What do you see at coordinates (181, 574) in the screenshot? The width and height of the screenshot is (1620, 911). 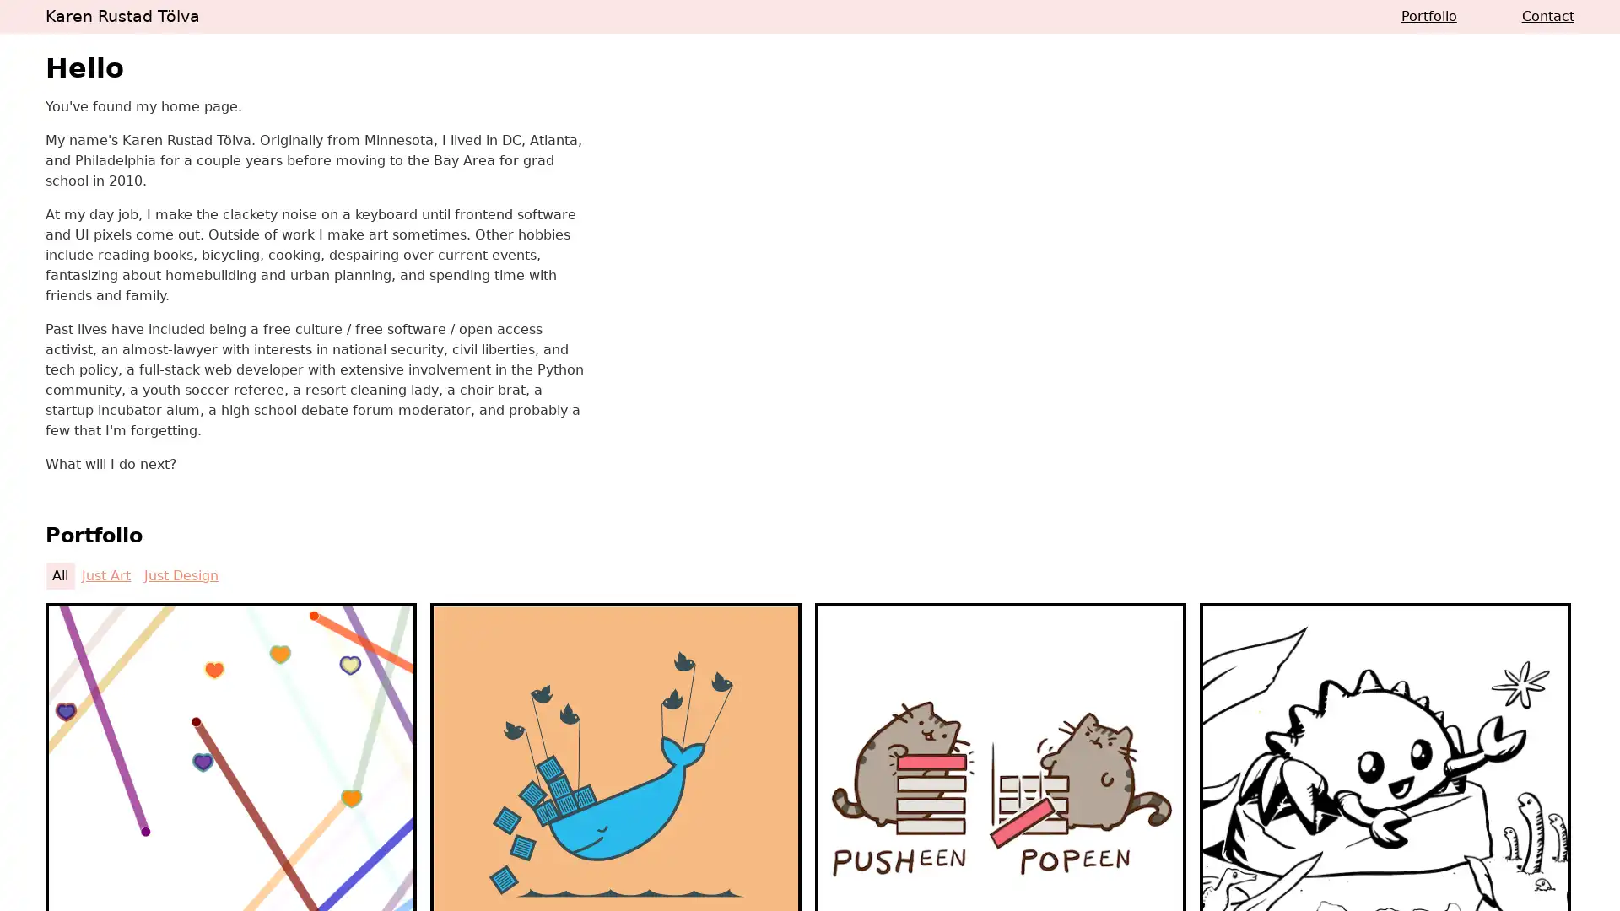 I see `Just Design` at bounding box center [181, 574].